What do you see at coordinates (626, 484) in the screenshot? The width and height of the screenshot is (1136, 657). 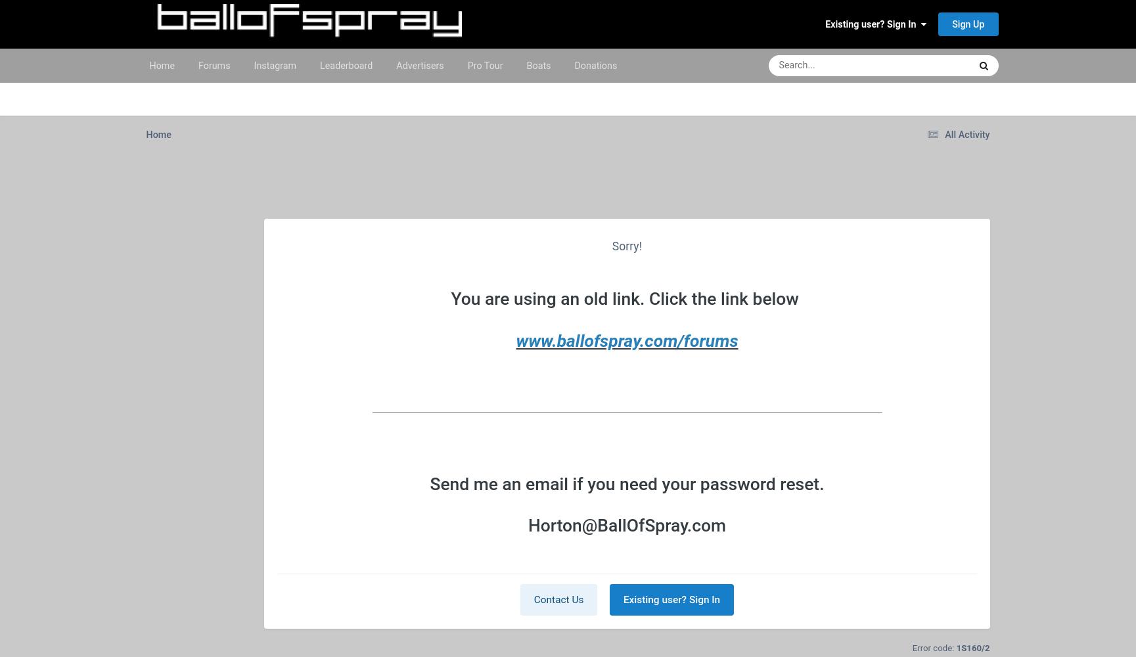 I see `'Send me an email if you need your password reset.'` at bounding box center [626, 484].